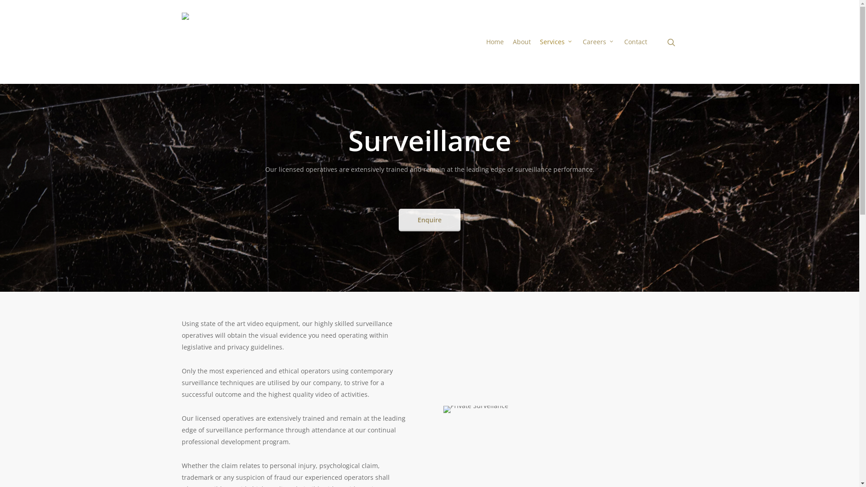 This screenshot has height=487, width=866. Describe the element at coordinates (521, 41) in the screenshot. I see `'About'` at that location.